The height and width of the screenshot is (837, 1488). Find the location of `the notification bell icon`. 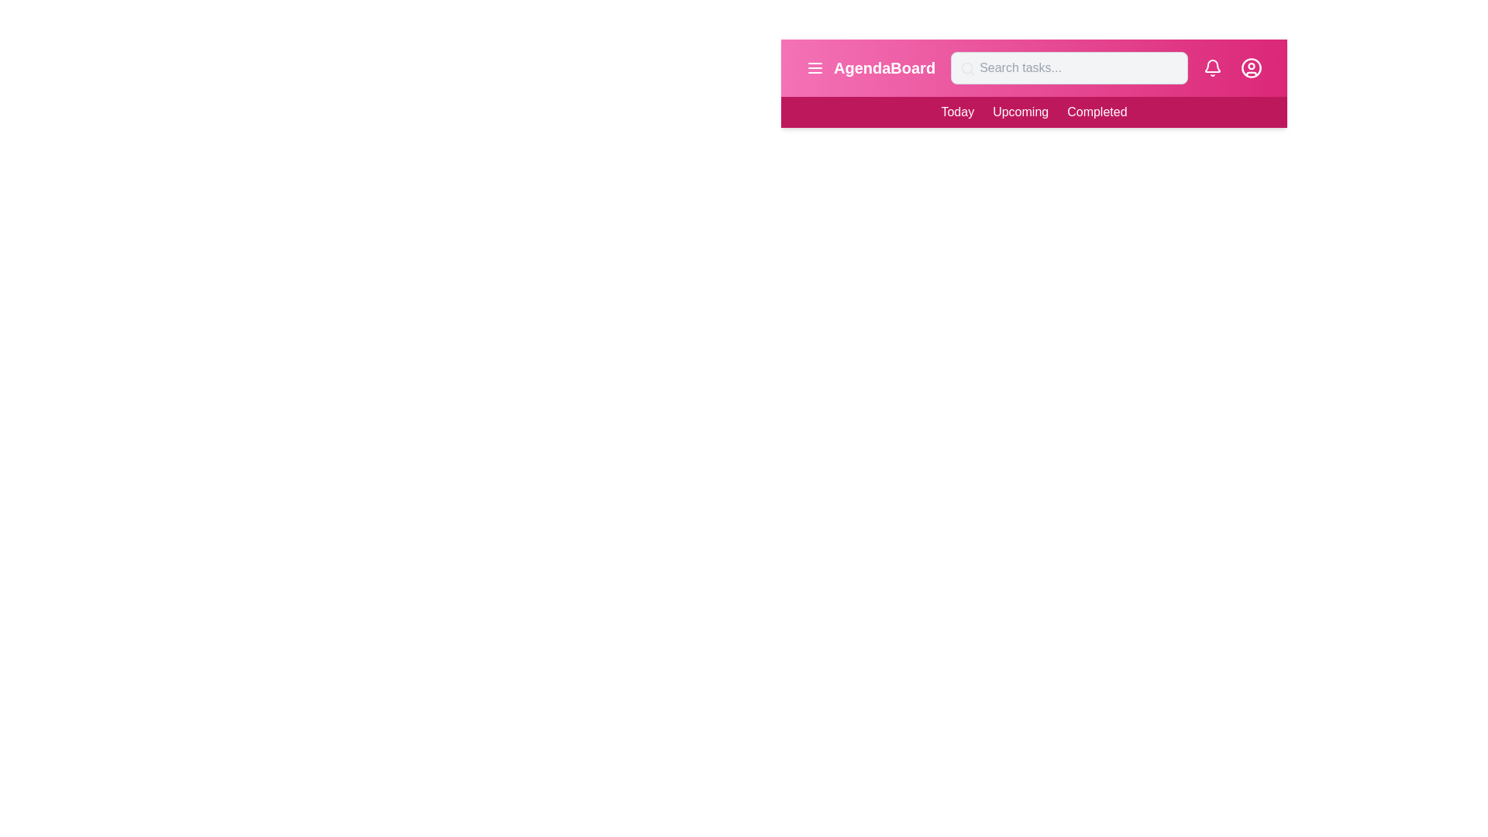

the notification bell icon is located at coordinates (1211, 67).